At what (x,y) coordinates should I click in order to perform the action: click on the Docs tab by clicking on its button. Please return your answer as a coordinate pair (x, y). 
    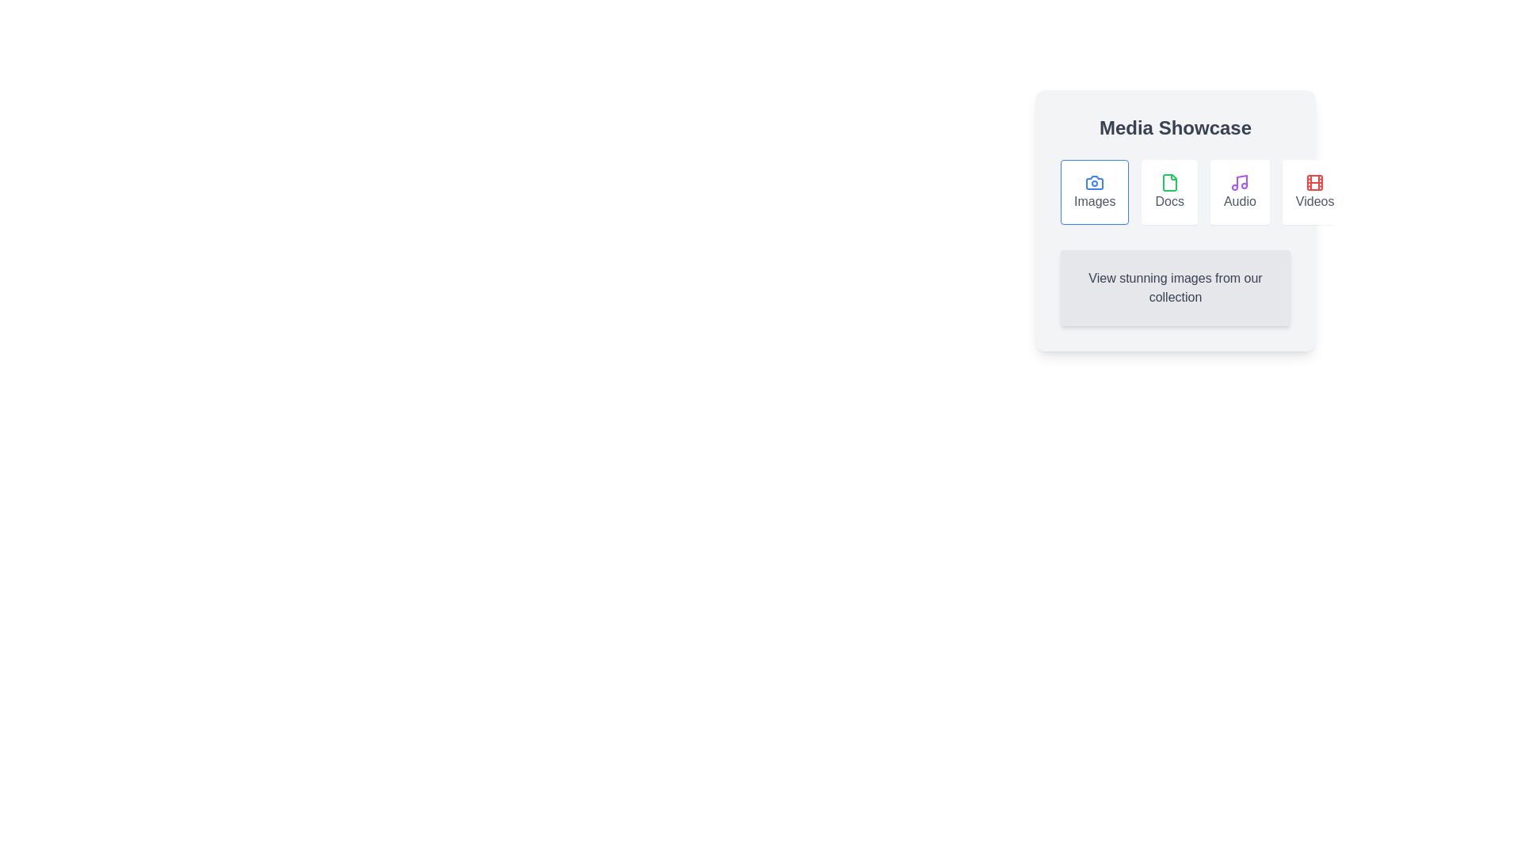
    Looking at the image, I should click on (1169, 192).